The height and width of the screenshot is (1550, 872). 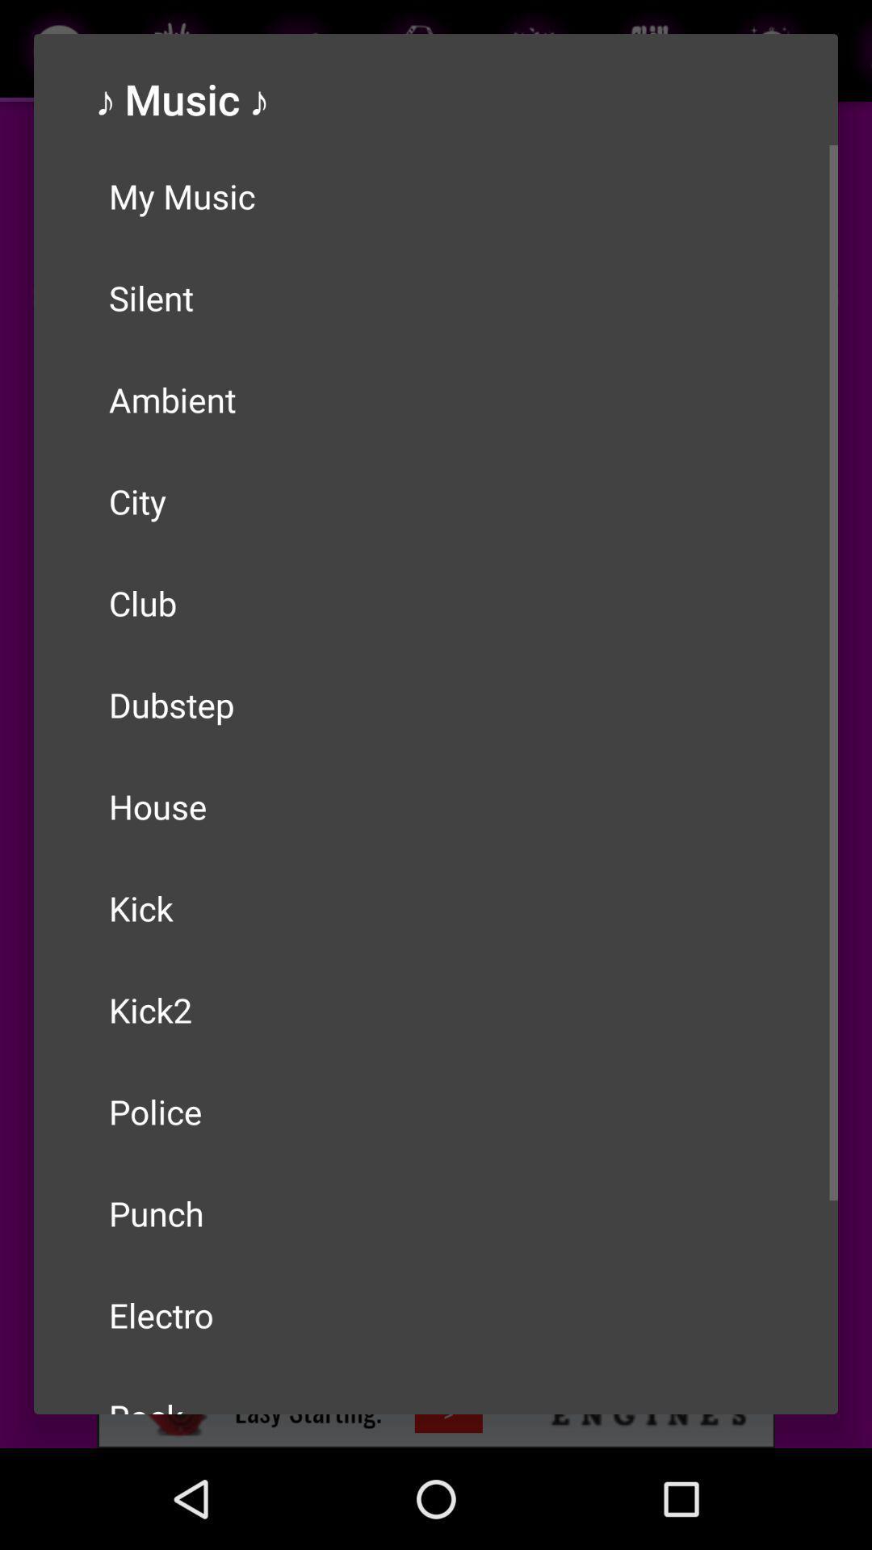 I want to click on kick, so click(x=436, y=907).